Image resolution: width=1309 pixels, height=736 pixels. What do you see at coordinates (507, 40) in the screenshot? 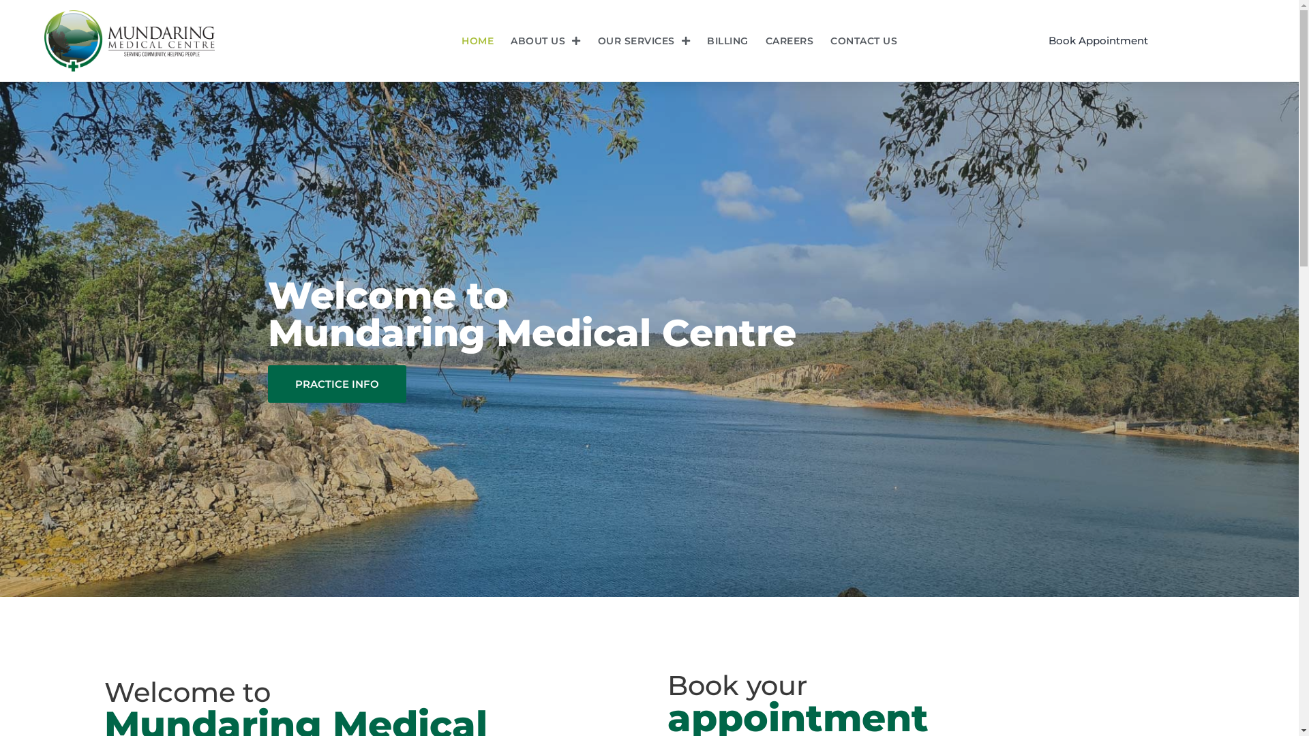
I see `'ABOUT US'` at bounding box center [507, 40].